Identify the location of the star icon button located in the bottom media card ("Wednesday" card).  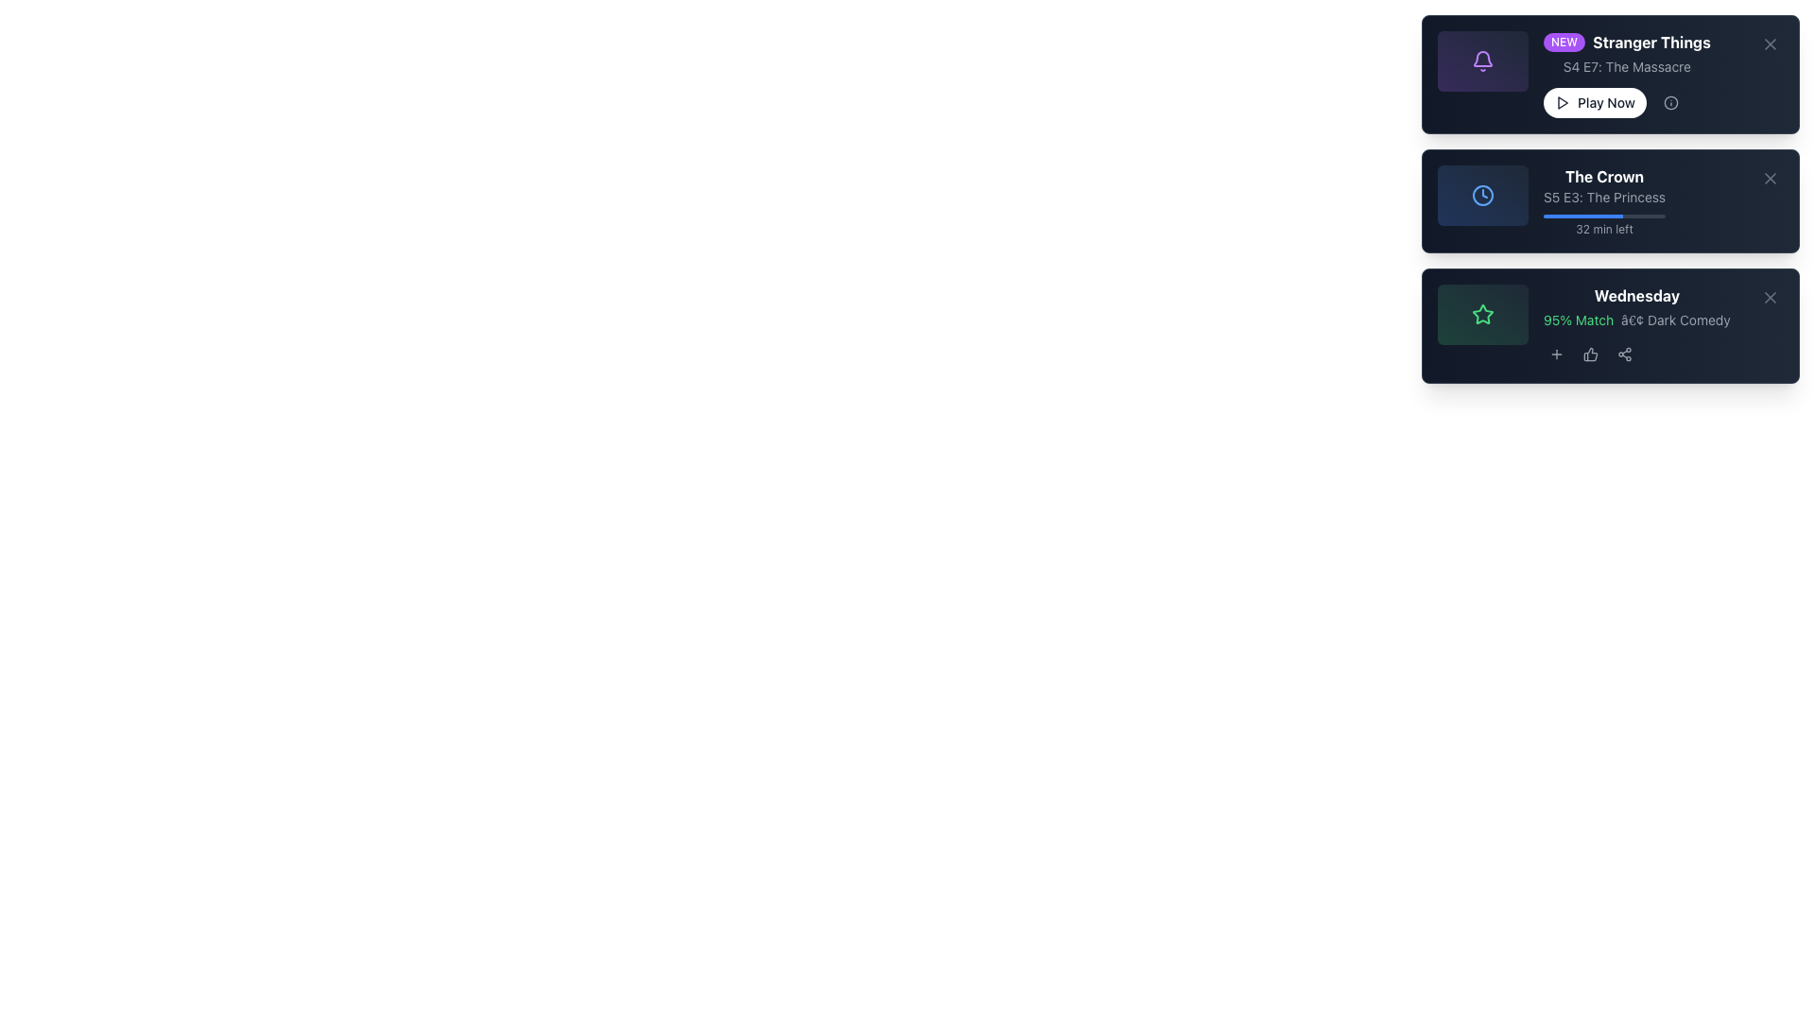
(1482, 313).